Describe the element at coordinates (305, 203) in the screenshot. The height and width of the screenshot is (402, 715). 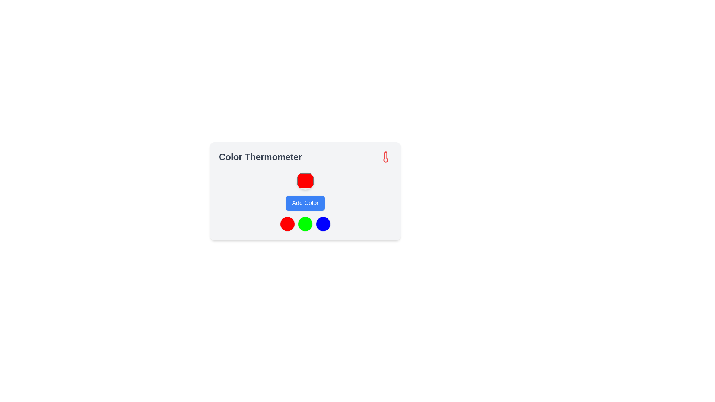
I see `the 'Add Color' button with a blue background` at that location.